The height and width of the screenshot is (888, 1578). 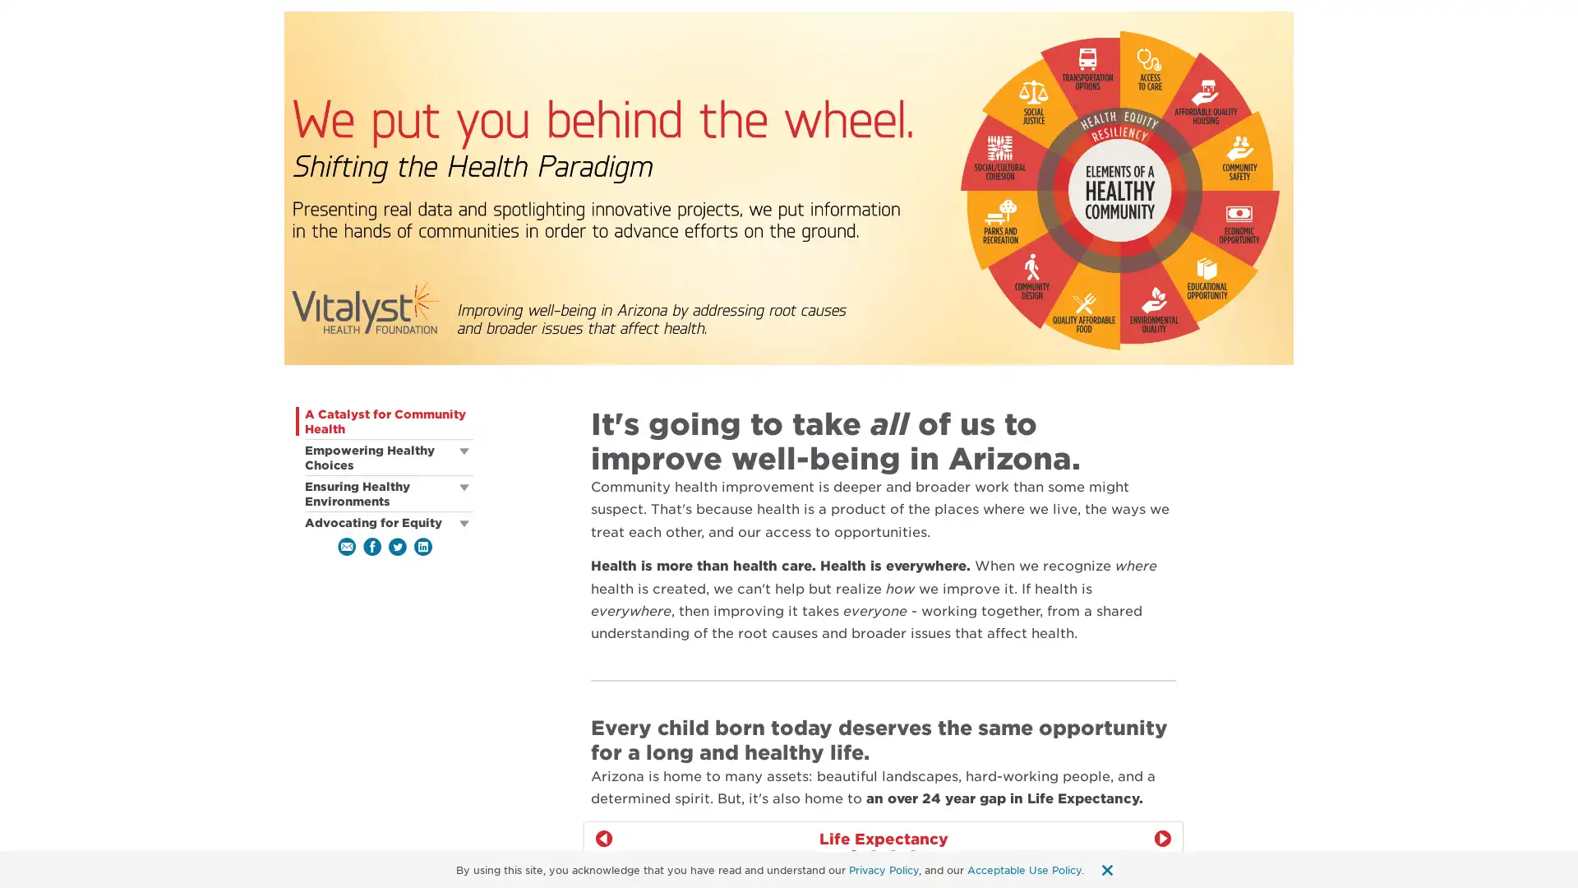 What do you see at coordinates (1161, 837) in the screenshot?
I see `next` at bounding box center [1161, 837].